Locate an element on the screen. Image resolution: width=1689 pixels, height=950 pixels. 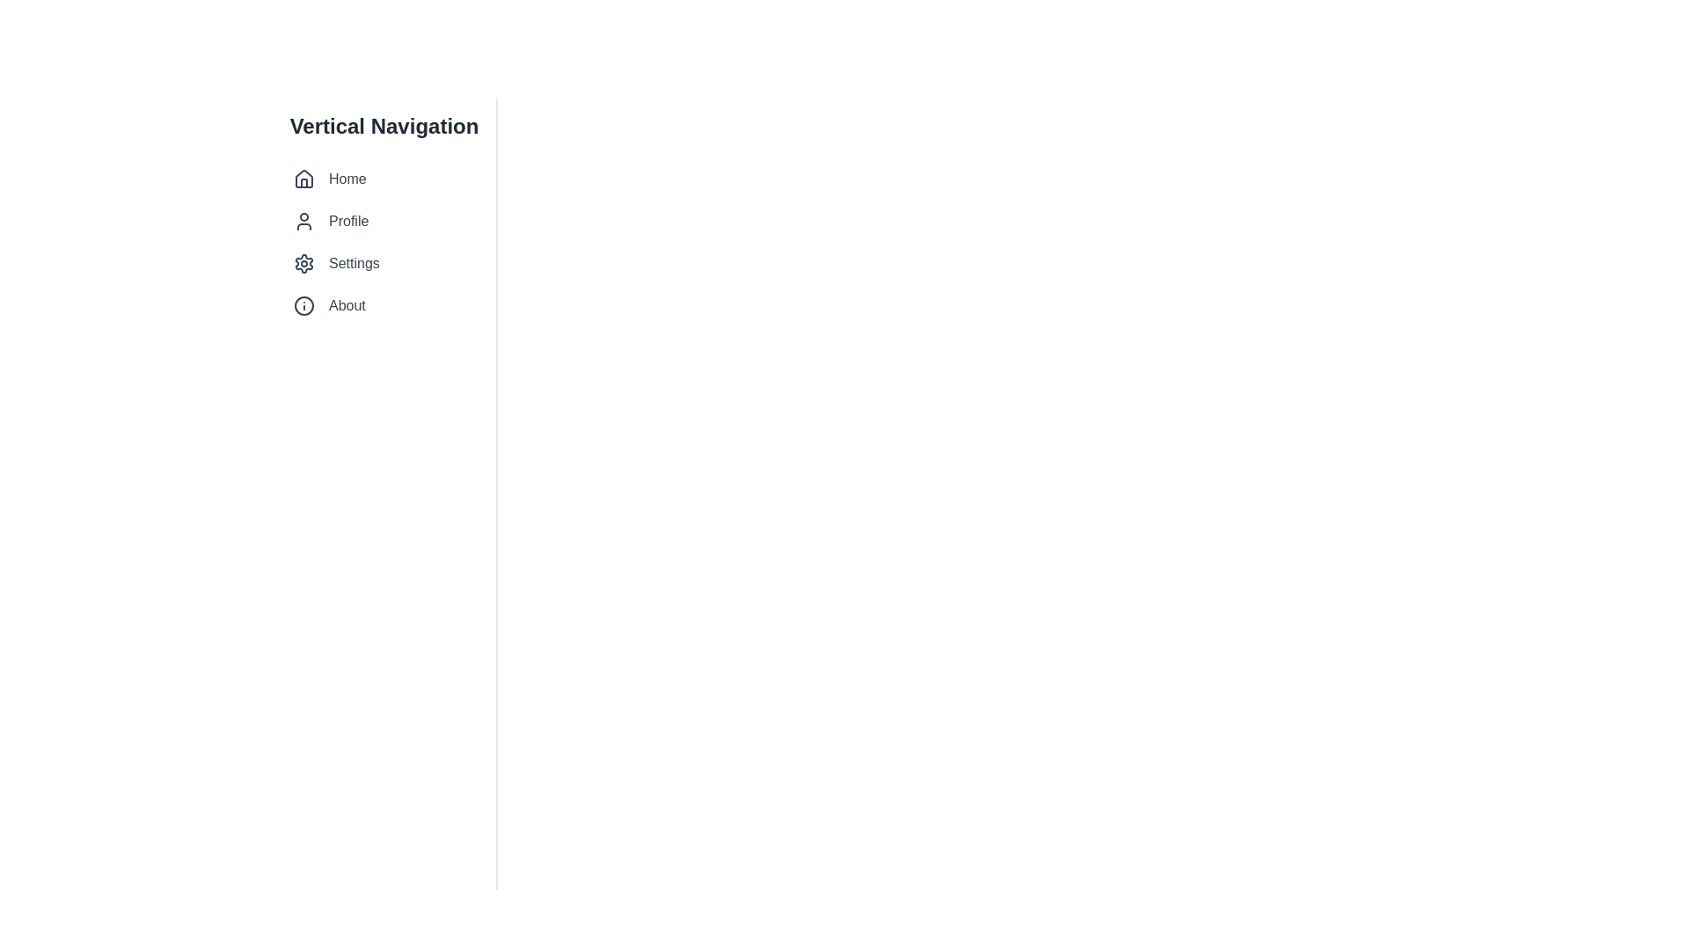
the 'Settings' button, which is the third item in the vertical navigation menu is located at coordinates (383, 264).